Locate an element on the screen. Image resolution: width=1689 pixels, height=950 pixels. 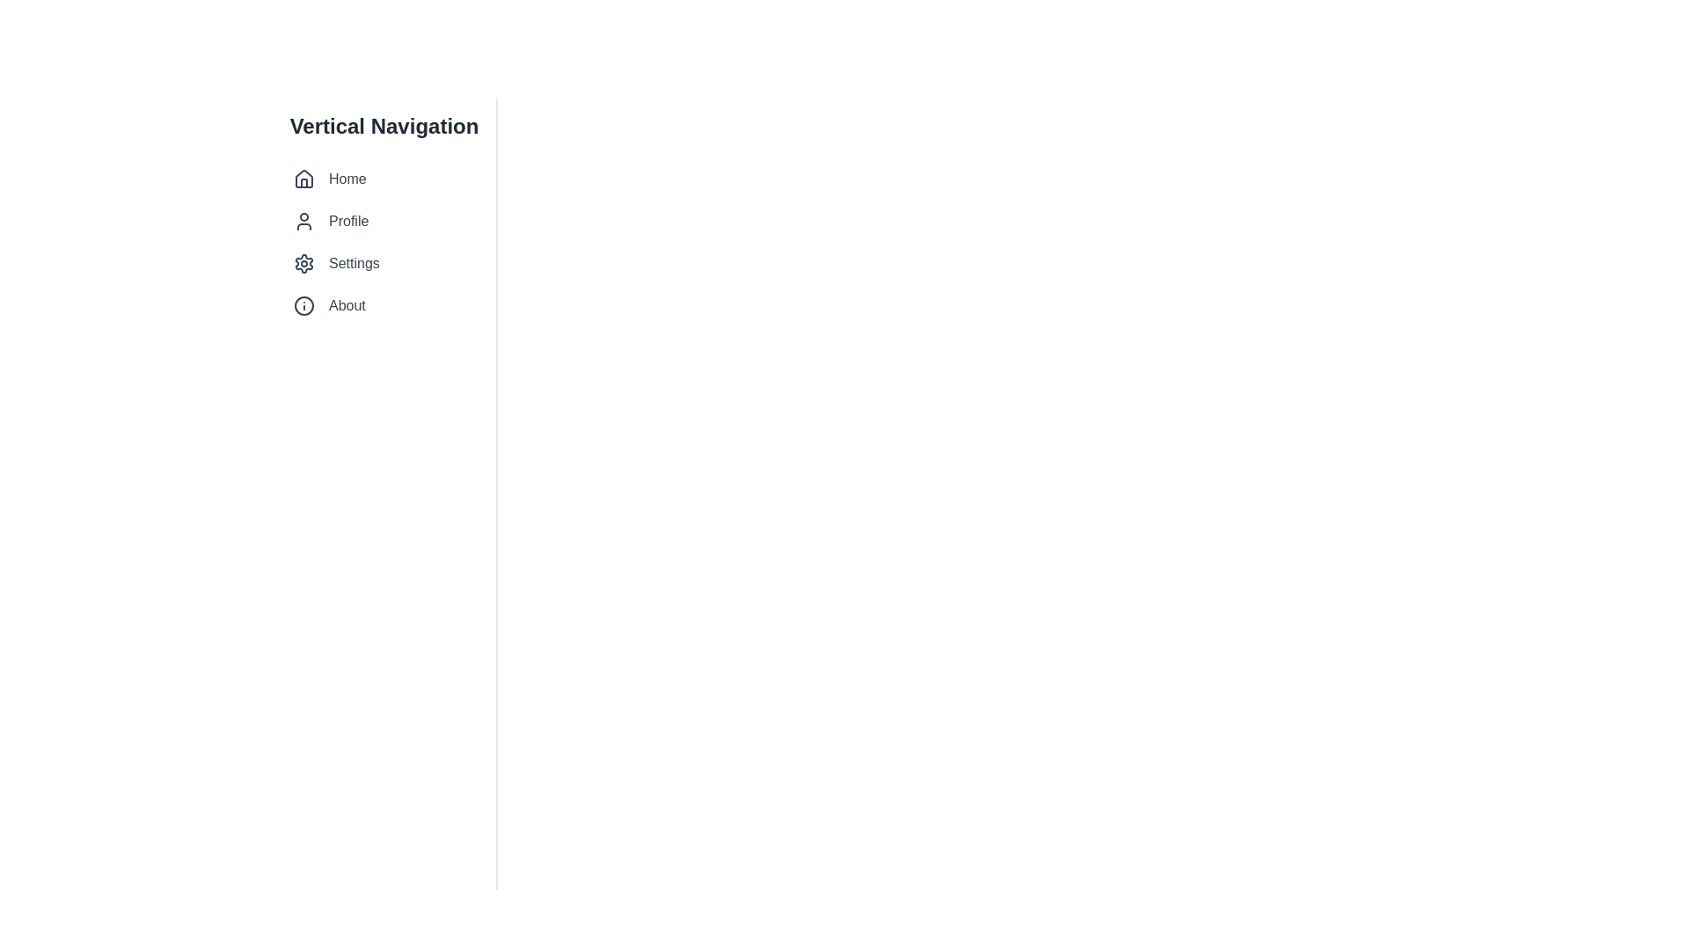
the 'Settings' button, which is the third item in the vertical navigation menu is located at coordinates (383, 264).